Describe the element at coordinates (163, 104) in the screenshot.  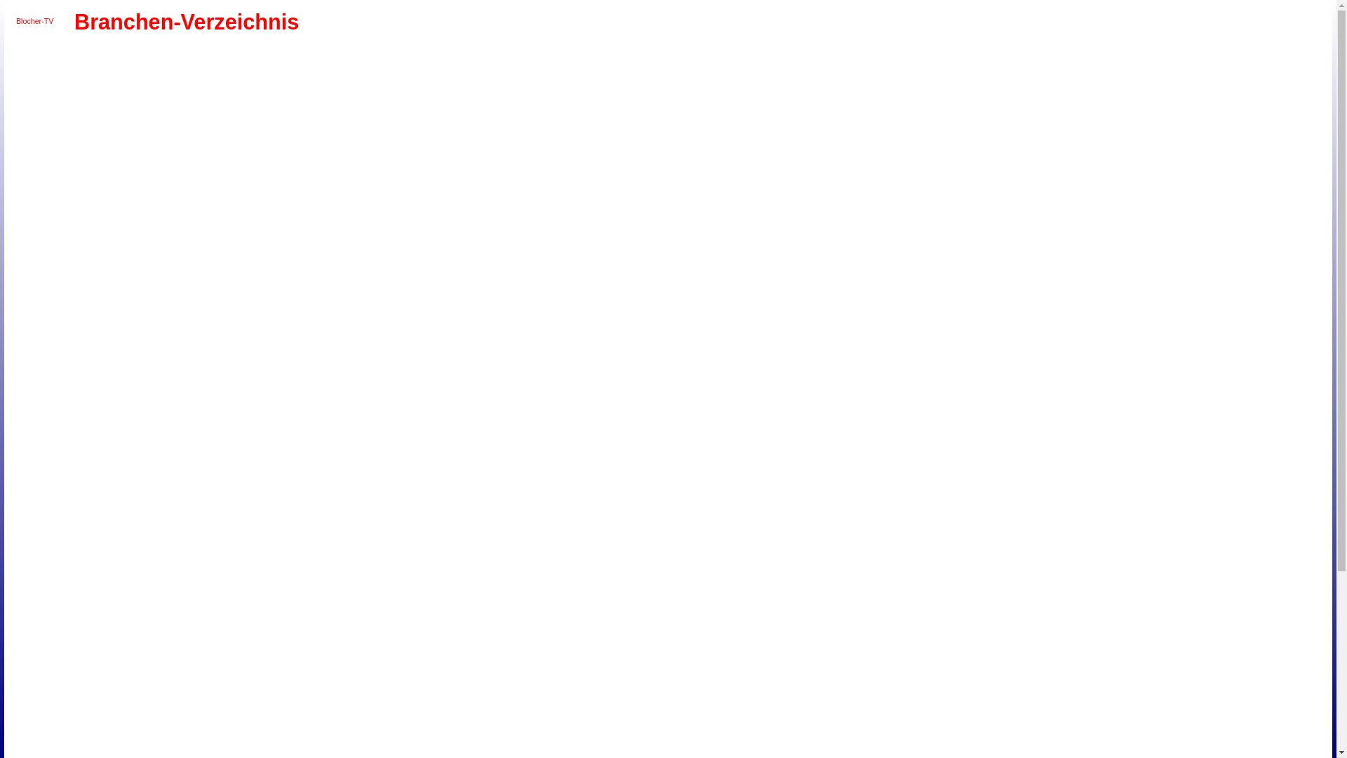
I see `'Du Nord  Bern Restaurant '` at that location.